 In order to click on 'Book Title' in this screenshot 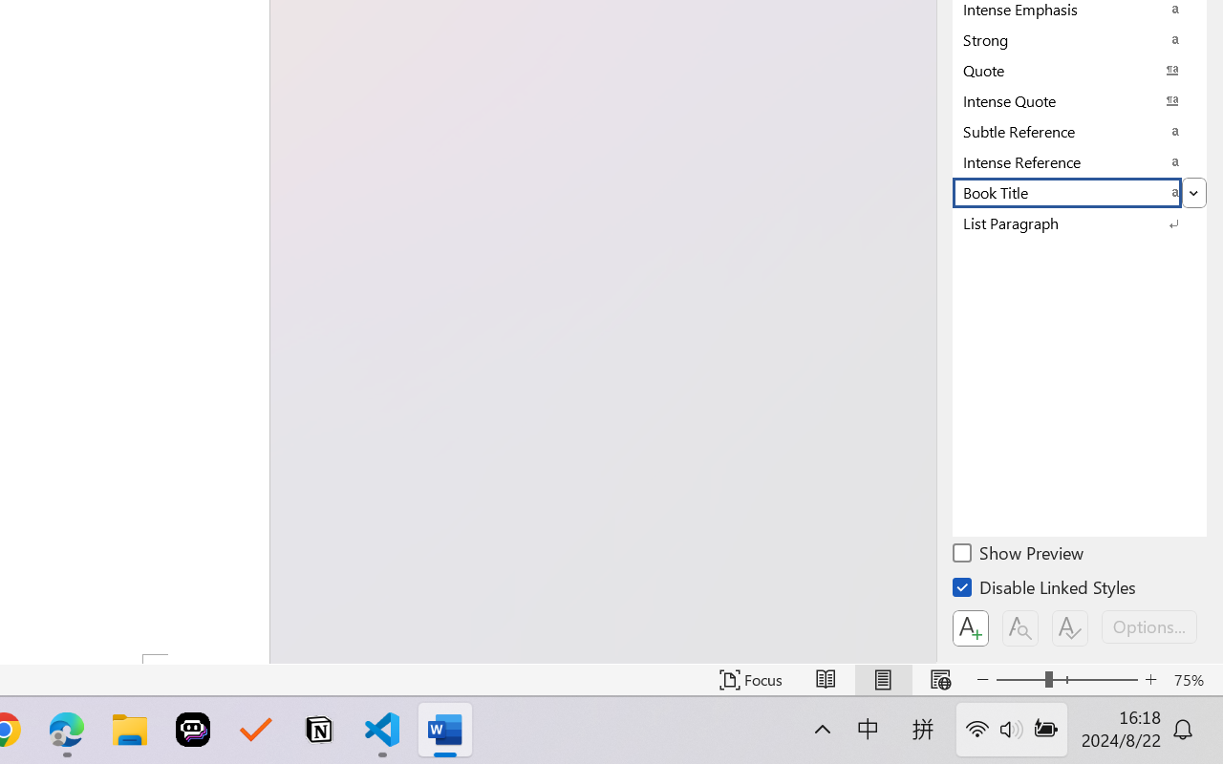, I will do `click(1080, 192)`.